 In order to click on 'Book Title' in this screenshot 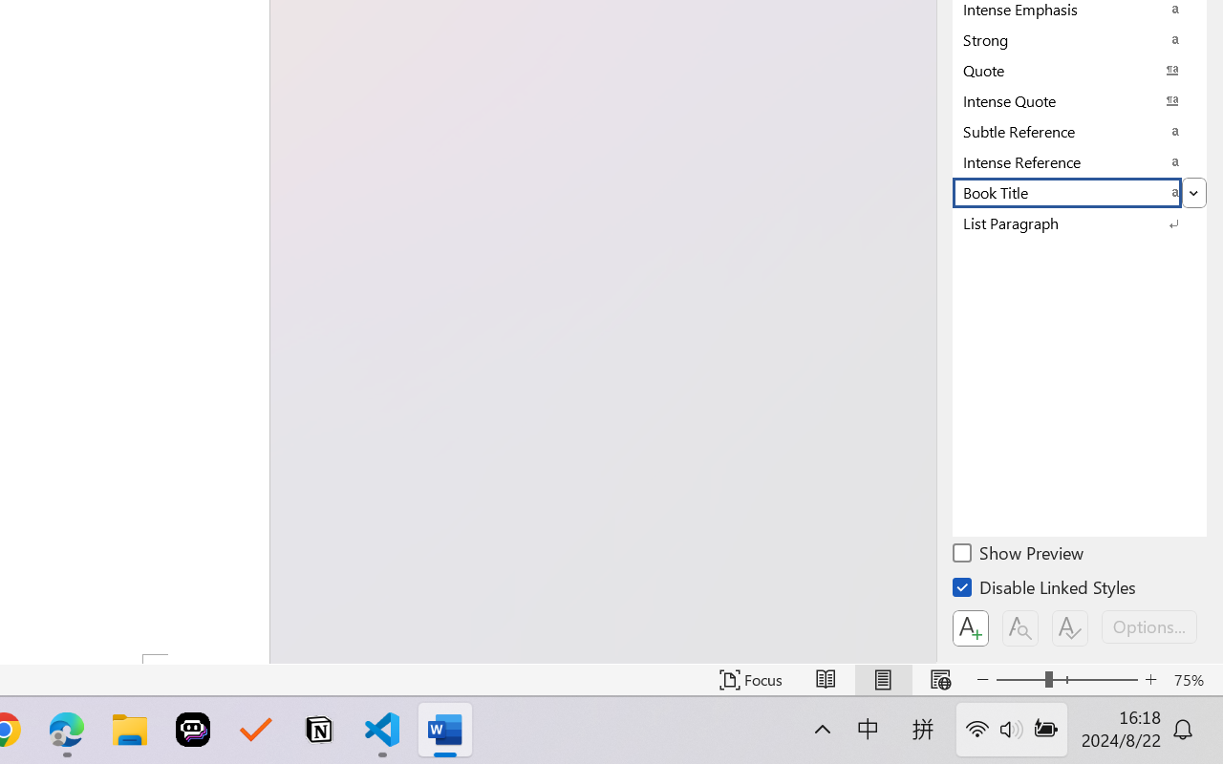, I will do `click(1080, 192)`.